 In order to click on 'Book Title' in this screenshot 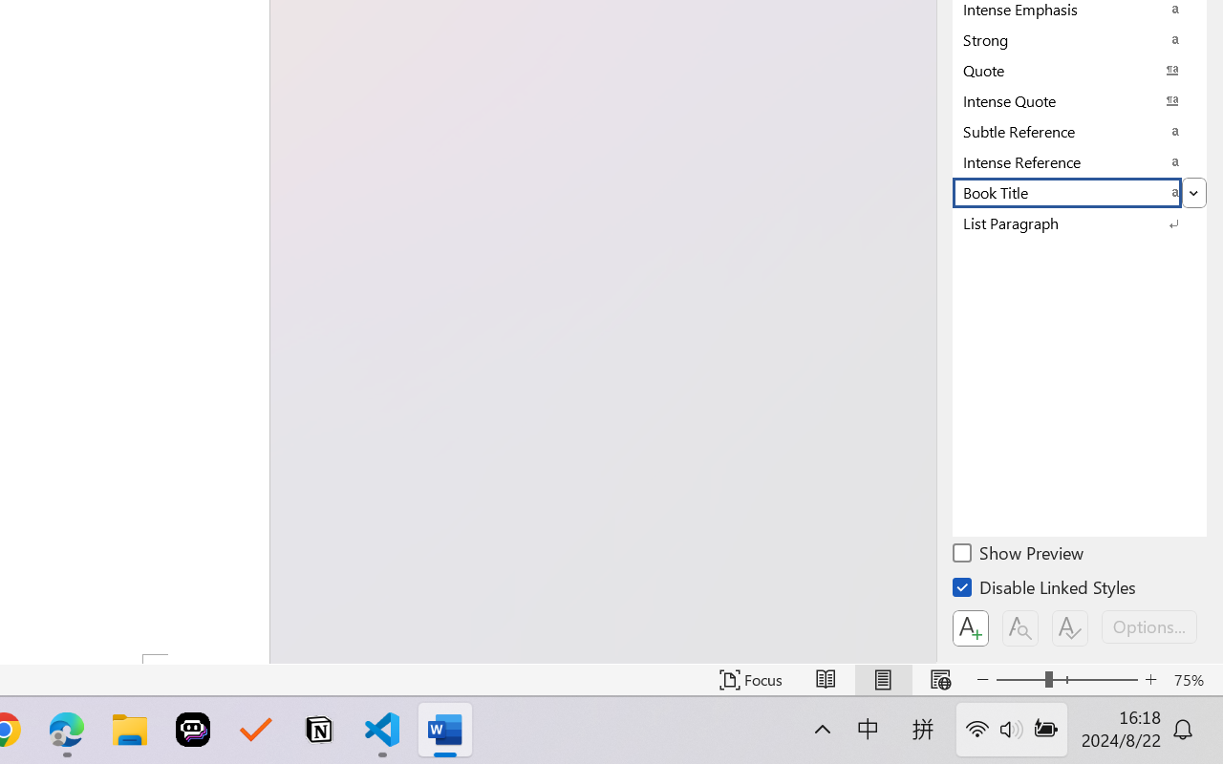, I will do `click(1080, 192)`.